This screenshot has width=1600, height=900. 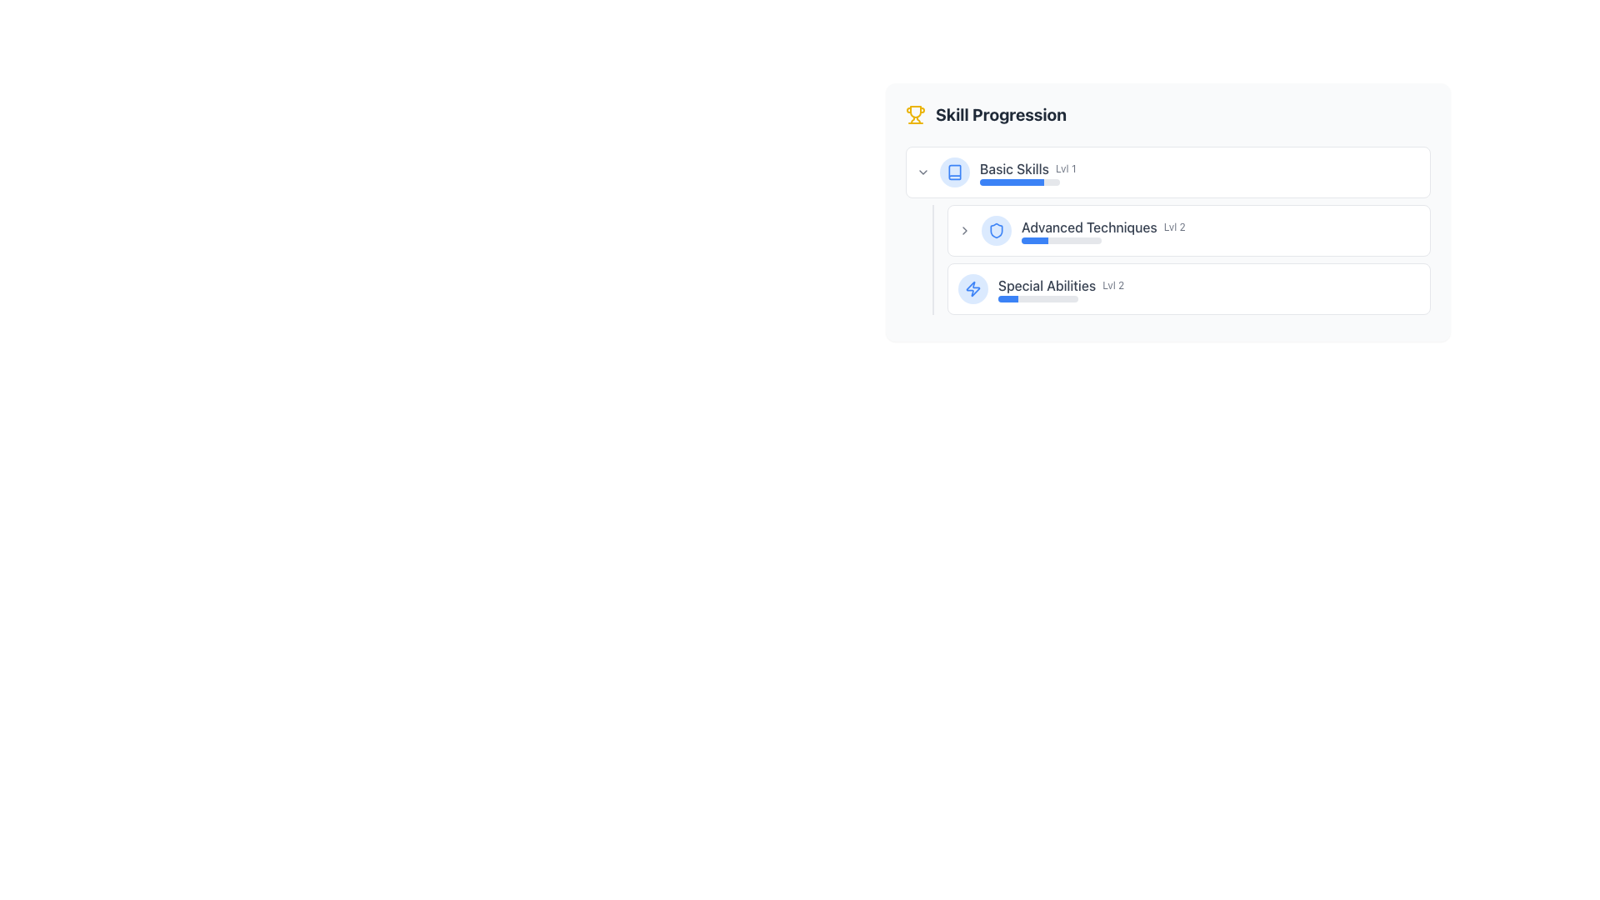 What do you see at coordinates (972, 288) in the screenshot?
I see `the energy icon represented by a lightning bolt symbol, located at the center of a circular light blue background on the right side of the interface` at bounding box center [972, 288].